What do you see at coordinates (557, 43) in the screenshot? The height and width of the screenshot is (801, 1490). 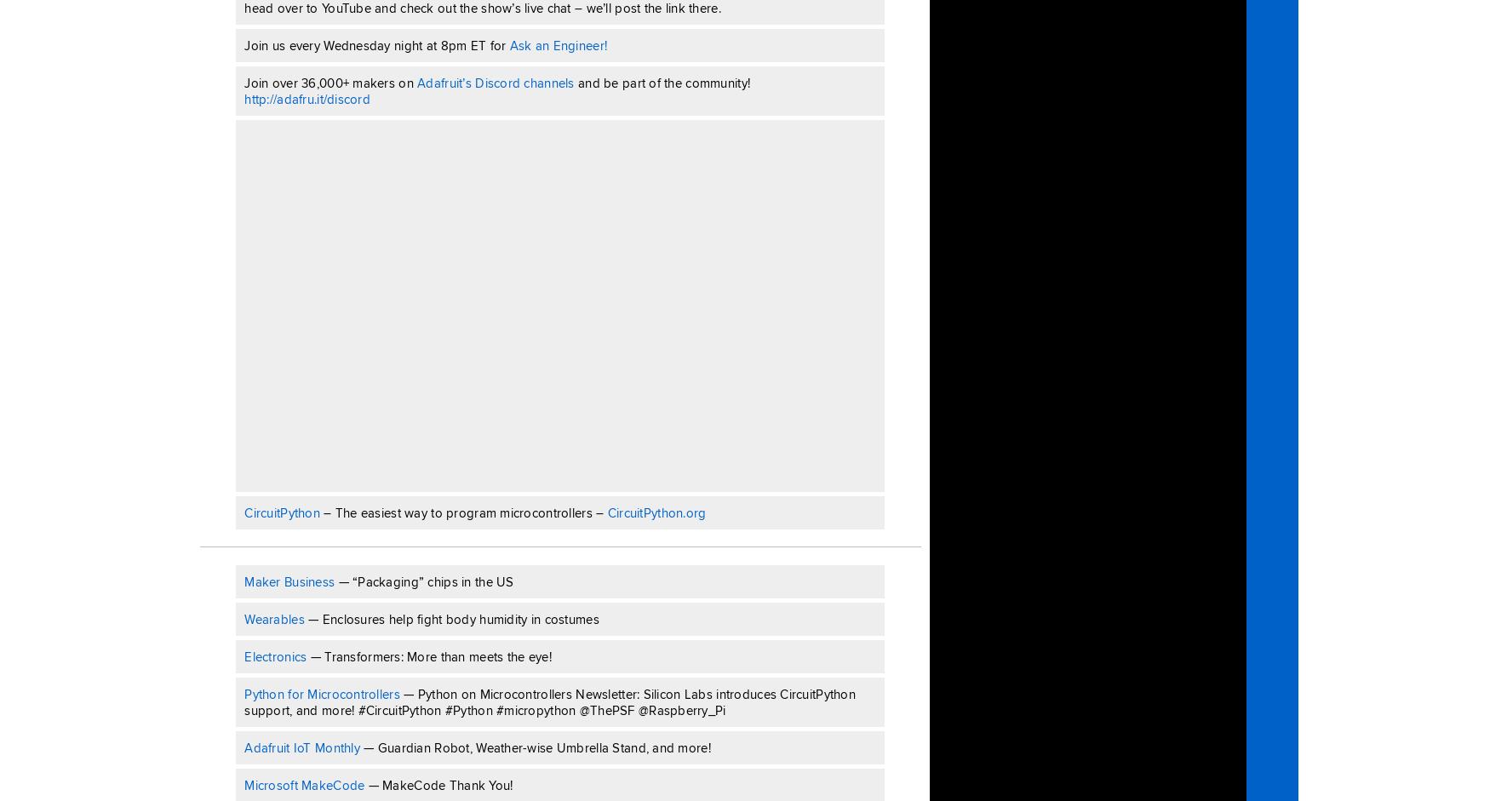 I see `'Ask an Engineer!'` at bounding box center [557, 43].